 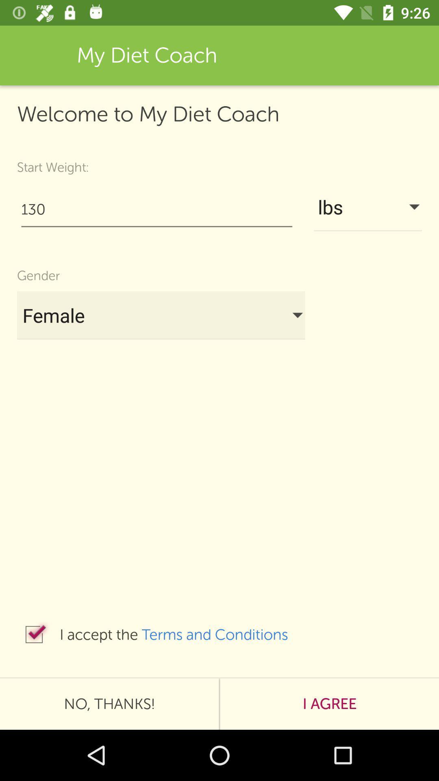 What do you see at coordinates (223, 634) in the screenshot?
I see `terms and conditions item` at bounding box center [223, 634].